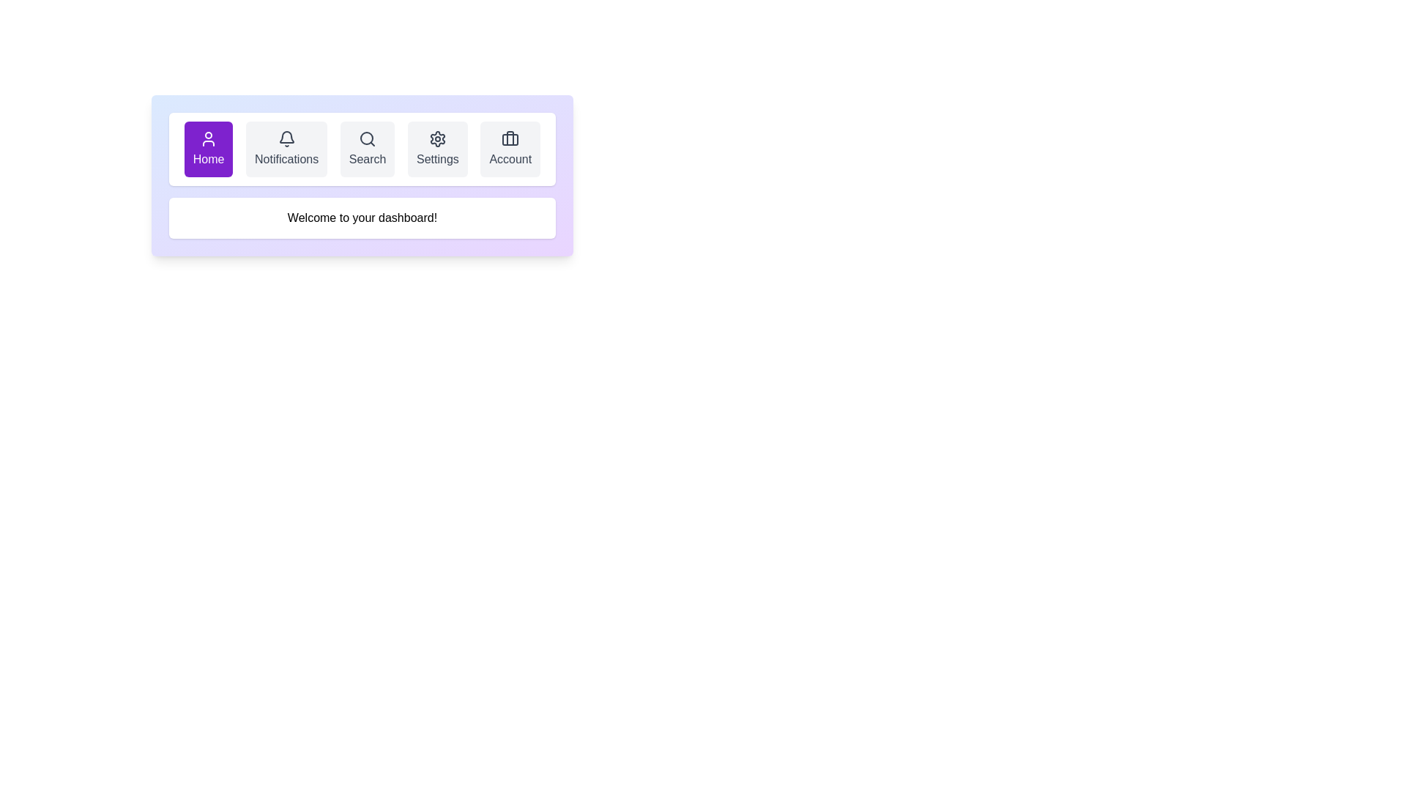 The height and width of the screenshot is (791, 1406). I want to click on the navigational button that redirects to the homepage, located at the top-center of the viewport, so click(208, 149).